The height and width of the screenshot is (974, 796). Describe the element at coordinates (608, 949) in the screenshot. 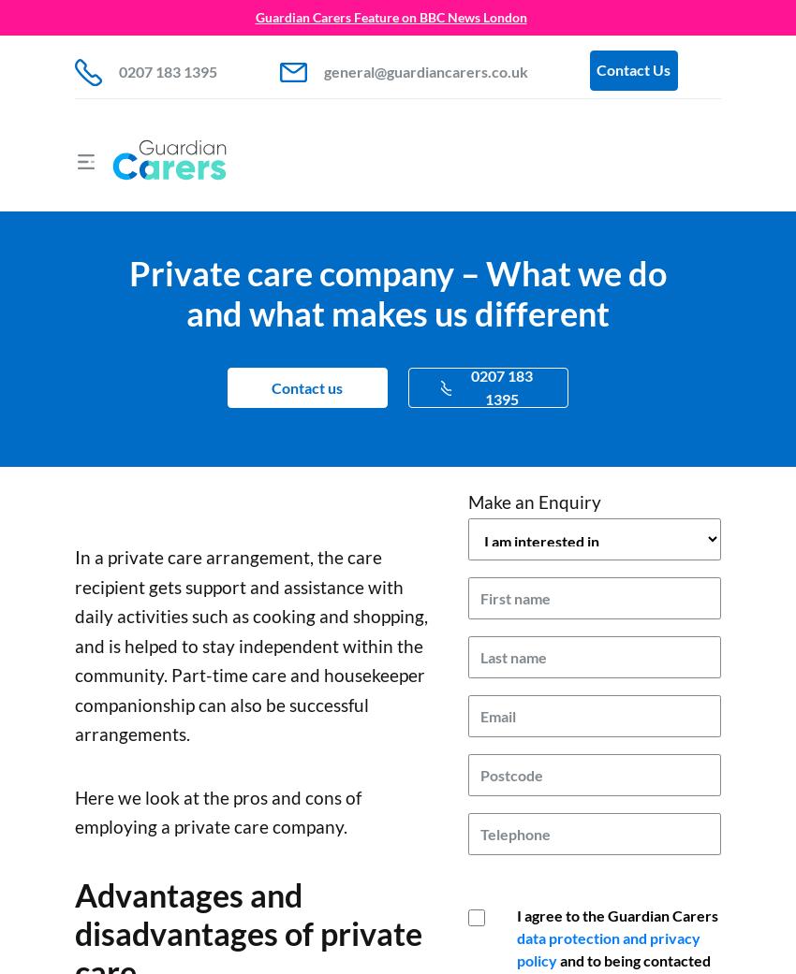

I see `'data protection and privacy policy'` at that location.